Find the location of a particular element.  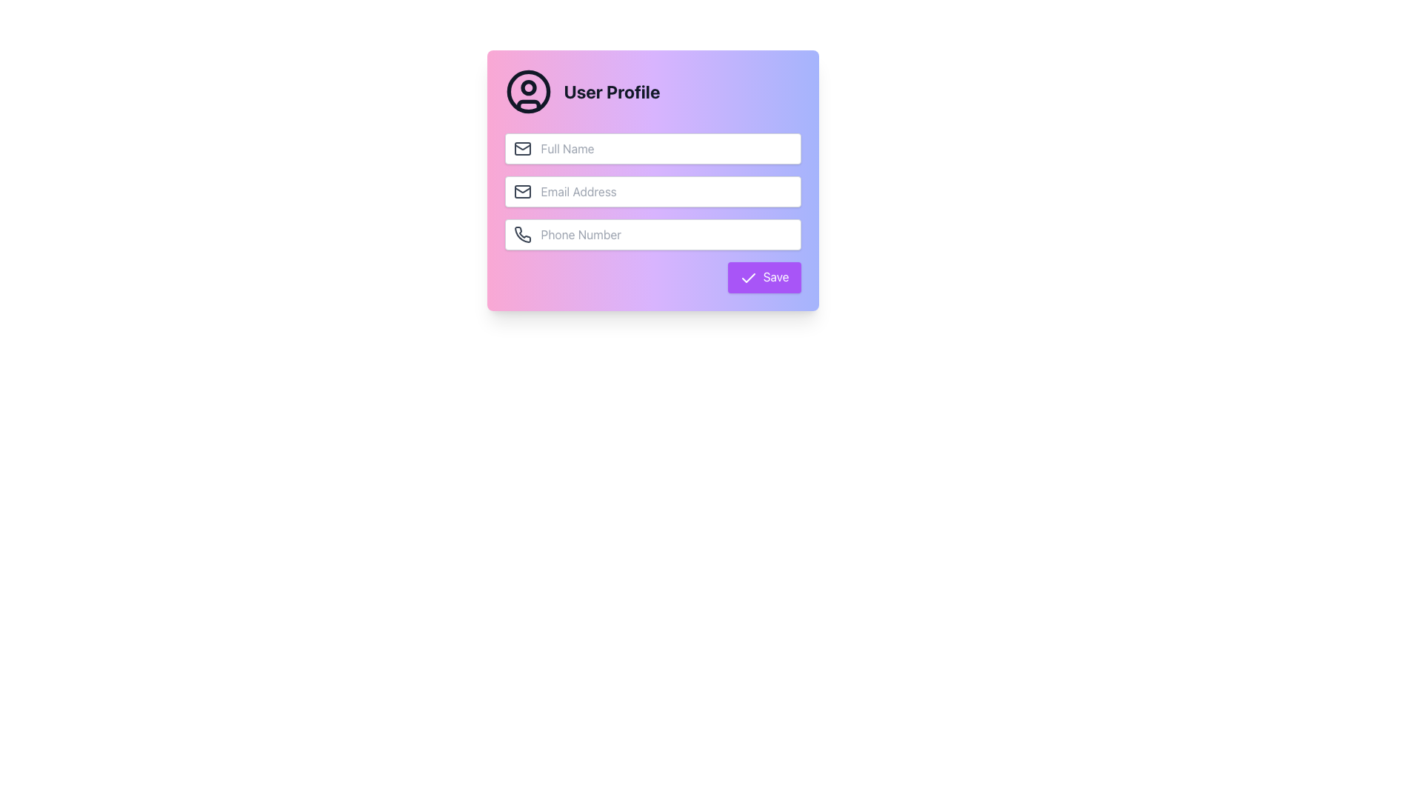

the email input field, which is the second input field below the 'Full Name' field and above the 'Phone Number' field, to focus on it is located at coordinates (652, 190).